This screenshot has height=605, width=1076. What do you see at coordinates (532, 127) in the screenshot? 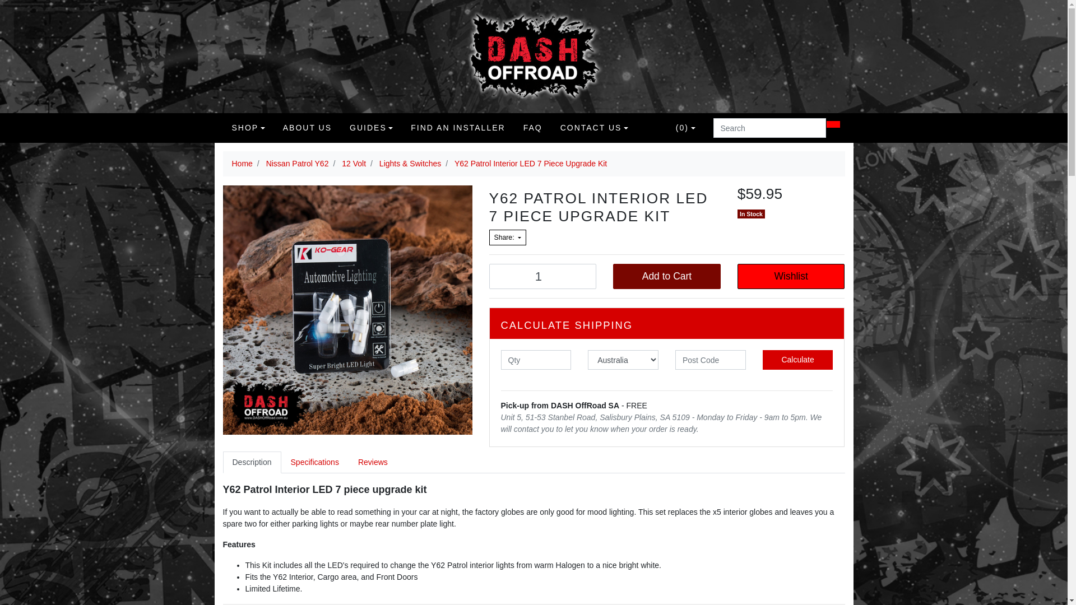
I see `'FAQ'` at bounding box center [532, 127].